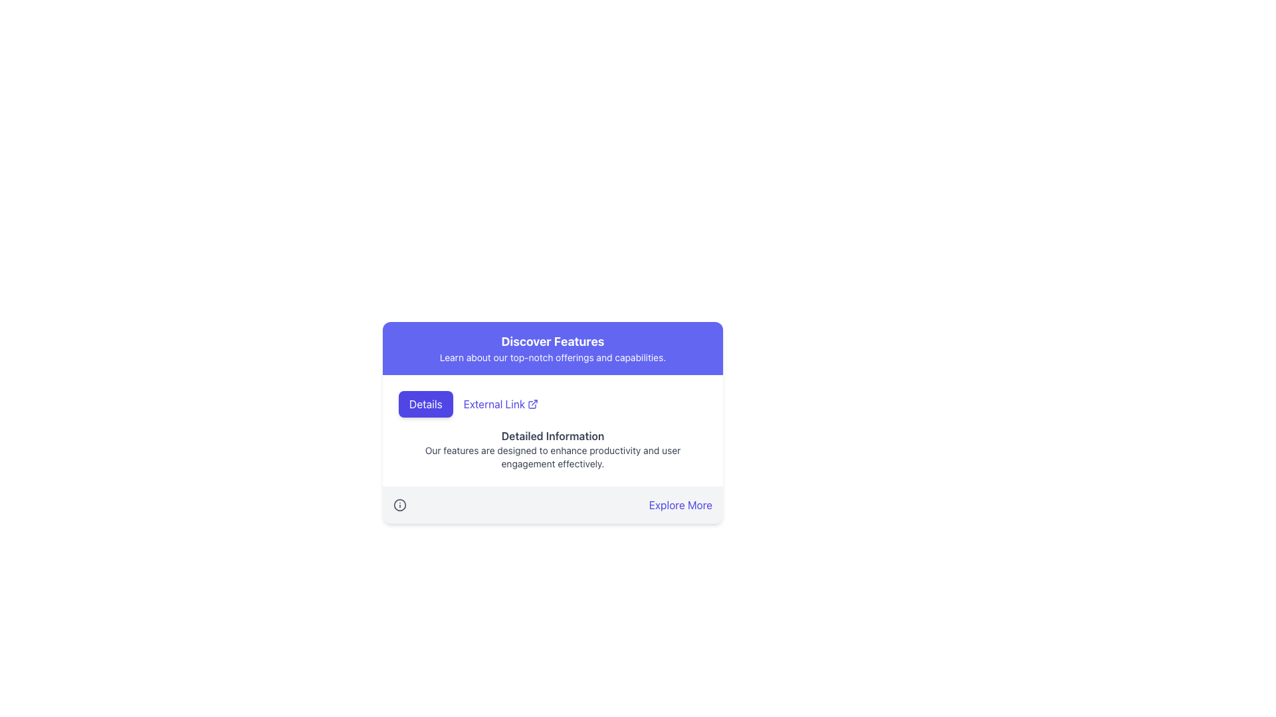 The image size is (1276, 717). What do you see at coordinates (552, 505) in the screenshot?
I see `the 'Explore More' hyperlink located at the bottom section of a card component` at bounding box center [552, 505].